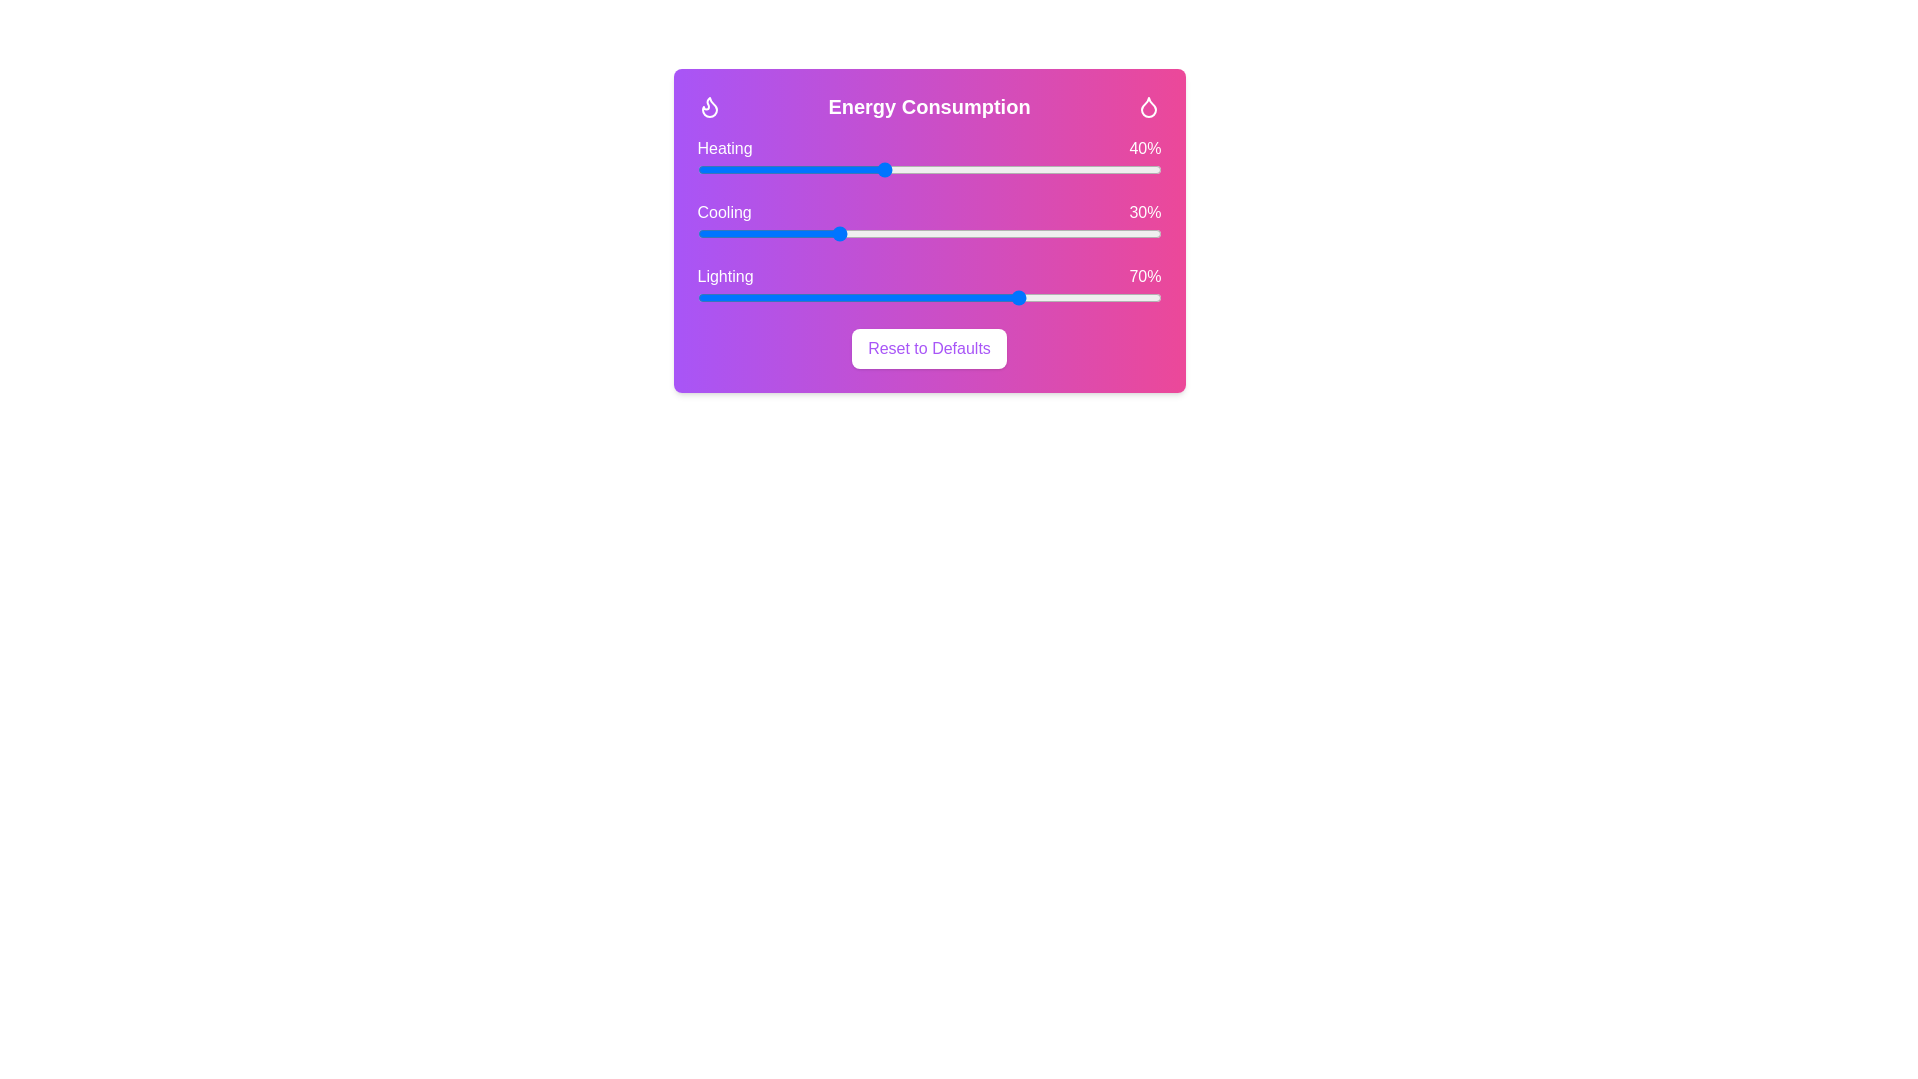  What do you see at coordinates (928, 347) in the screenshot?
I see `the 'Reset to Defaults' button` at bounding box center [928, 347].